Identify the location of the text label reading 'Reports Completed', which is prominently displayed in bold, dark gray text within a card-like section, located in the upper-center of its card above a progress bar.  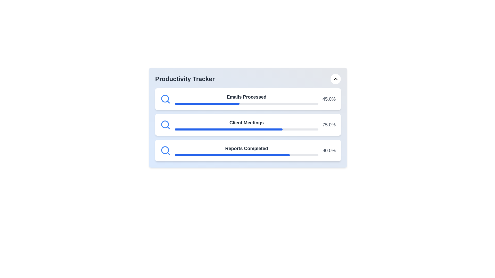
(246, 149).